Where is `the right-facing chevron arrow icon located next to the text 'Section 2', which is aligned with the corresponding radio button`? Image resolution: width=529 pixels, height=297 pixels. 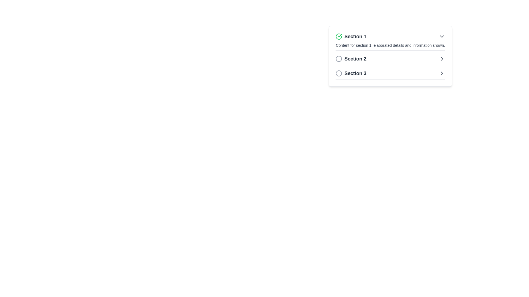
the right-facing chevron arrow icon located next to the text 'Section 2', which is aligned with the corresponding radio button is located at coordinates (442, 59).